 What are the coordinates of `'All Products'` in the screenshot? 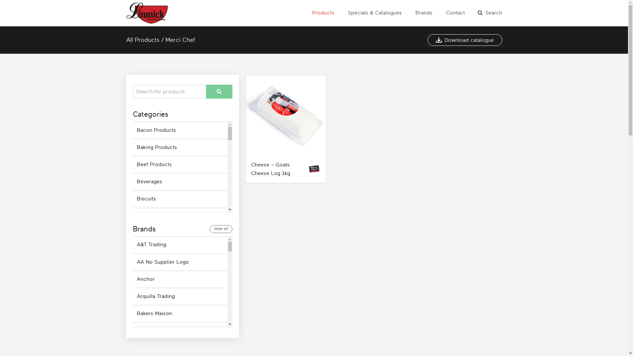 It's located at (142, 40).